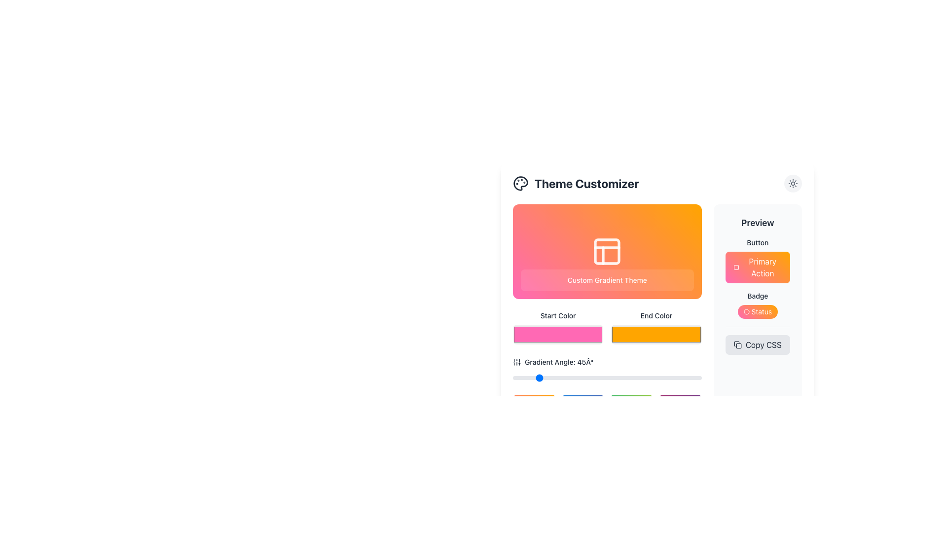 The width and height of the screenshot is (947, 533). Describe the element at coordinates (736, 267) in the screenshot. I see `the 'Primary Action' button located in the 'Preview' section by clicking on it, which contains a graphical icon to enhance its appeal` at that location.